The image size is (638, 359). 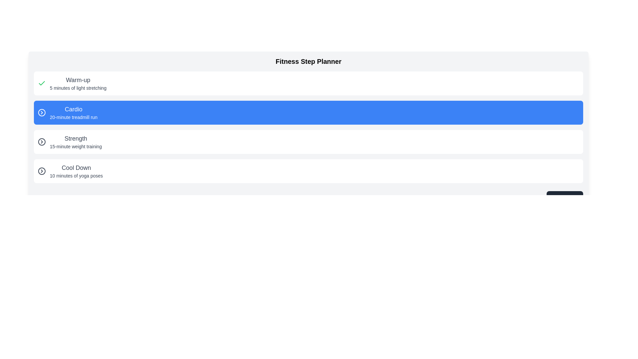 What do you see at coordinates (41, 171) in the screenshot?
I see `the circular border element in the navigation control` at bounding box center [41, 171].